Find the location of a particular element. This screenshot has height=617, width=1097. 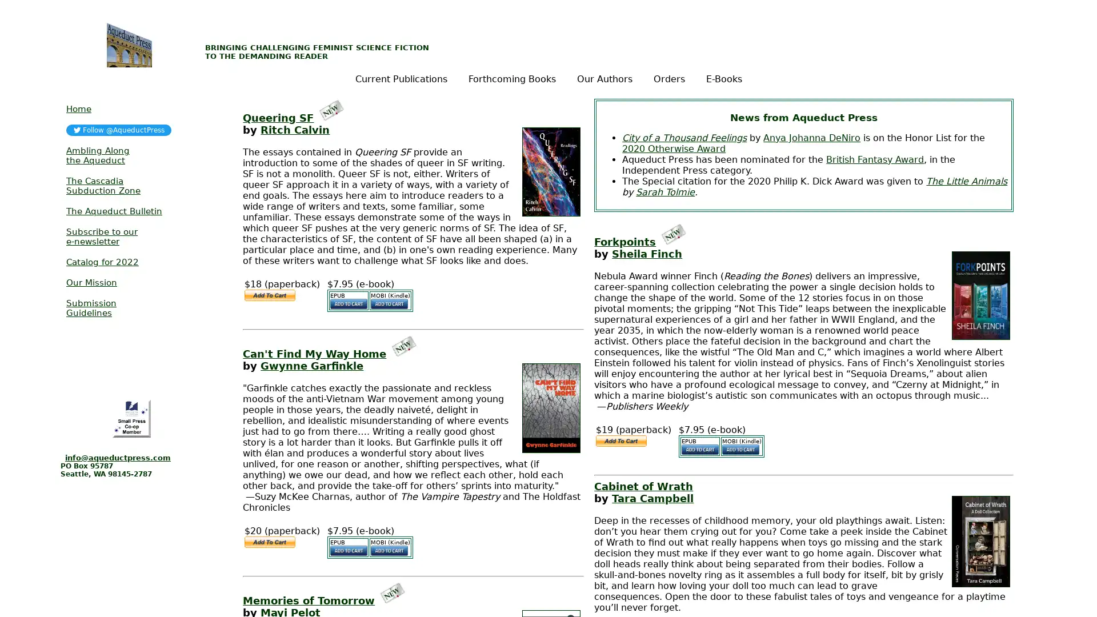

Make payments with PayPal - it\'s fast, free and secure! is located at coordinates (620, 440).